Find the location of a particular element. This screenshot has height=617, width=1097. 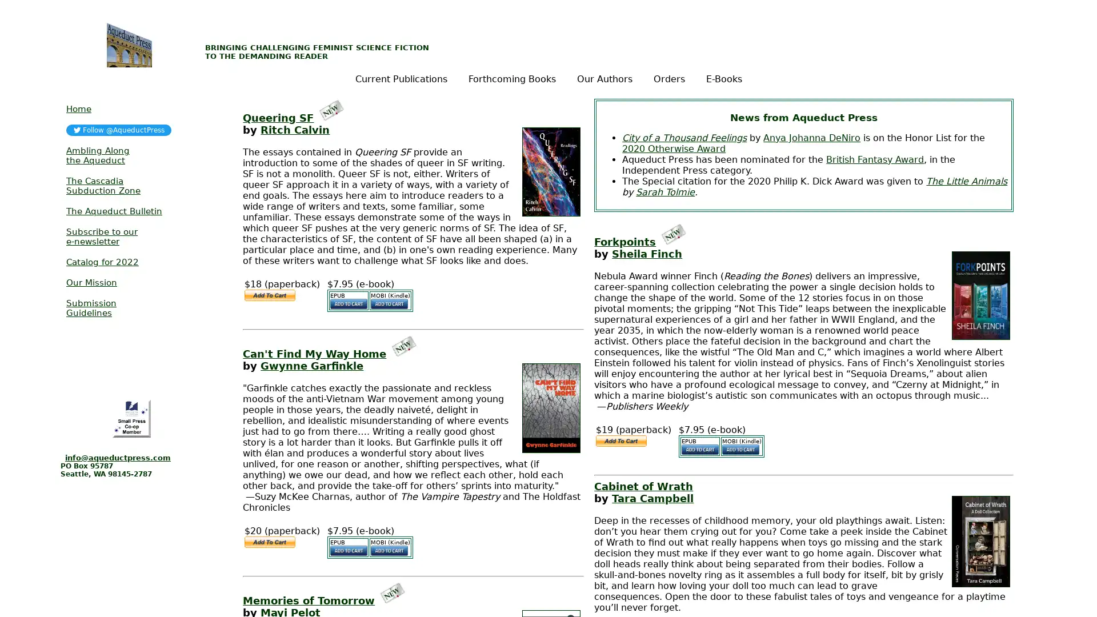

Make payments with PayPal - it\'s fast, free and secure! is located at coordinates (620, 440).